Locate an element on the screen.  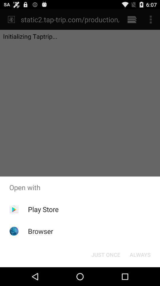
icon to the left of always icon is located at coordinates (105, 254).